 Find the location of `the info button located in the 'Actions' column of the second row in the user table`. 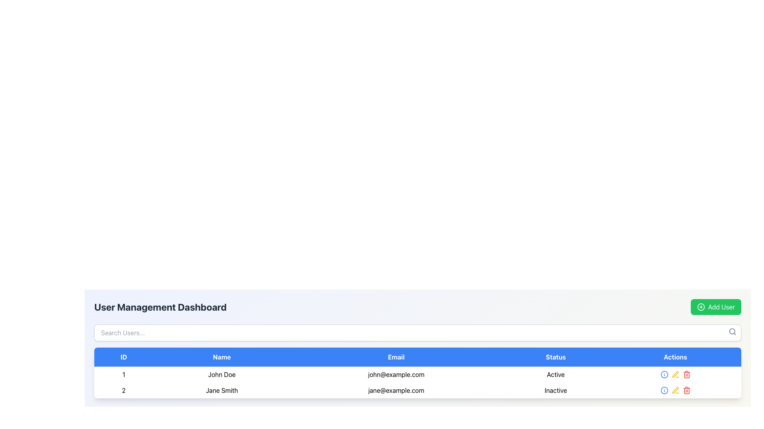

the info button located in the 'Actions' column of the second row in the user table is located at coordinates (664, 374).